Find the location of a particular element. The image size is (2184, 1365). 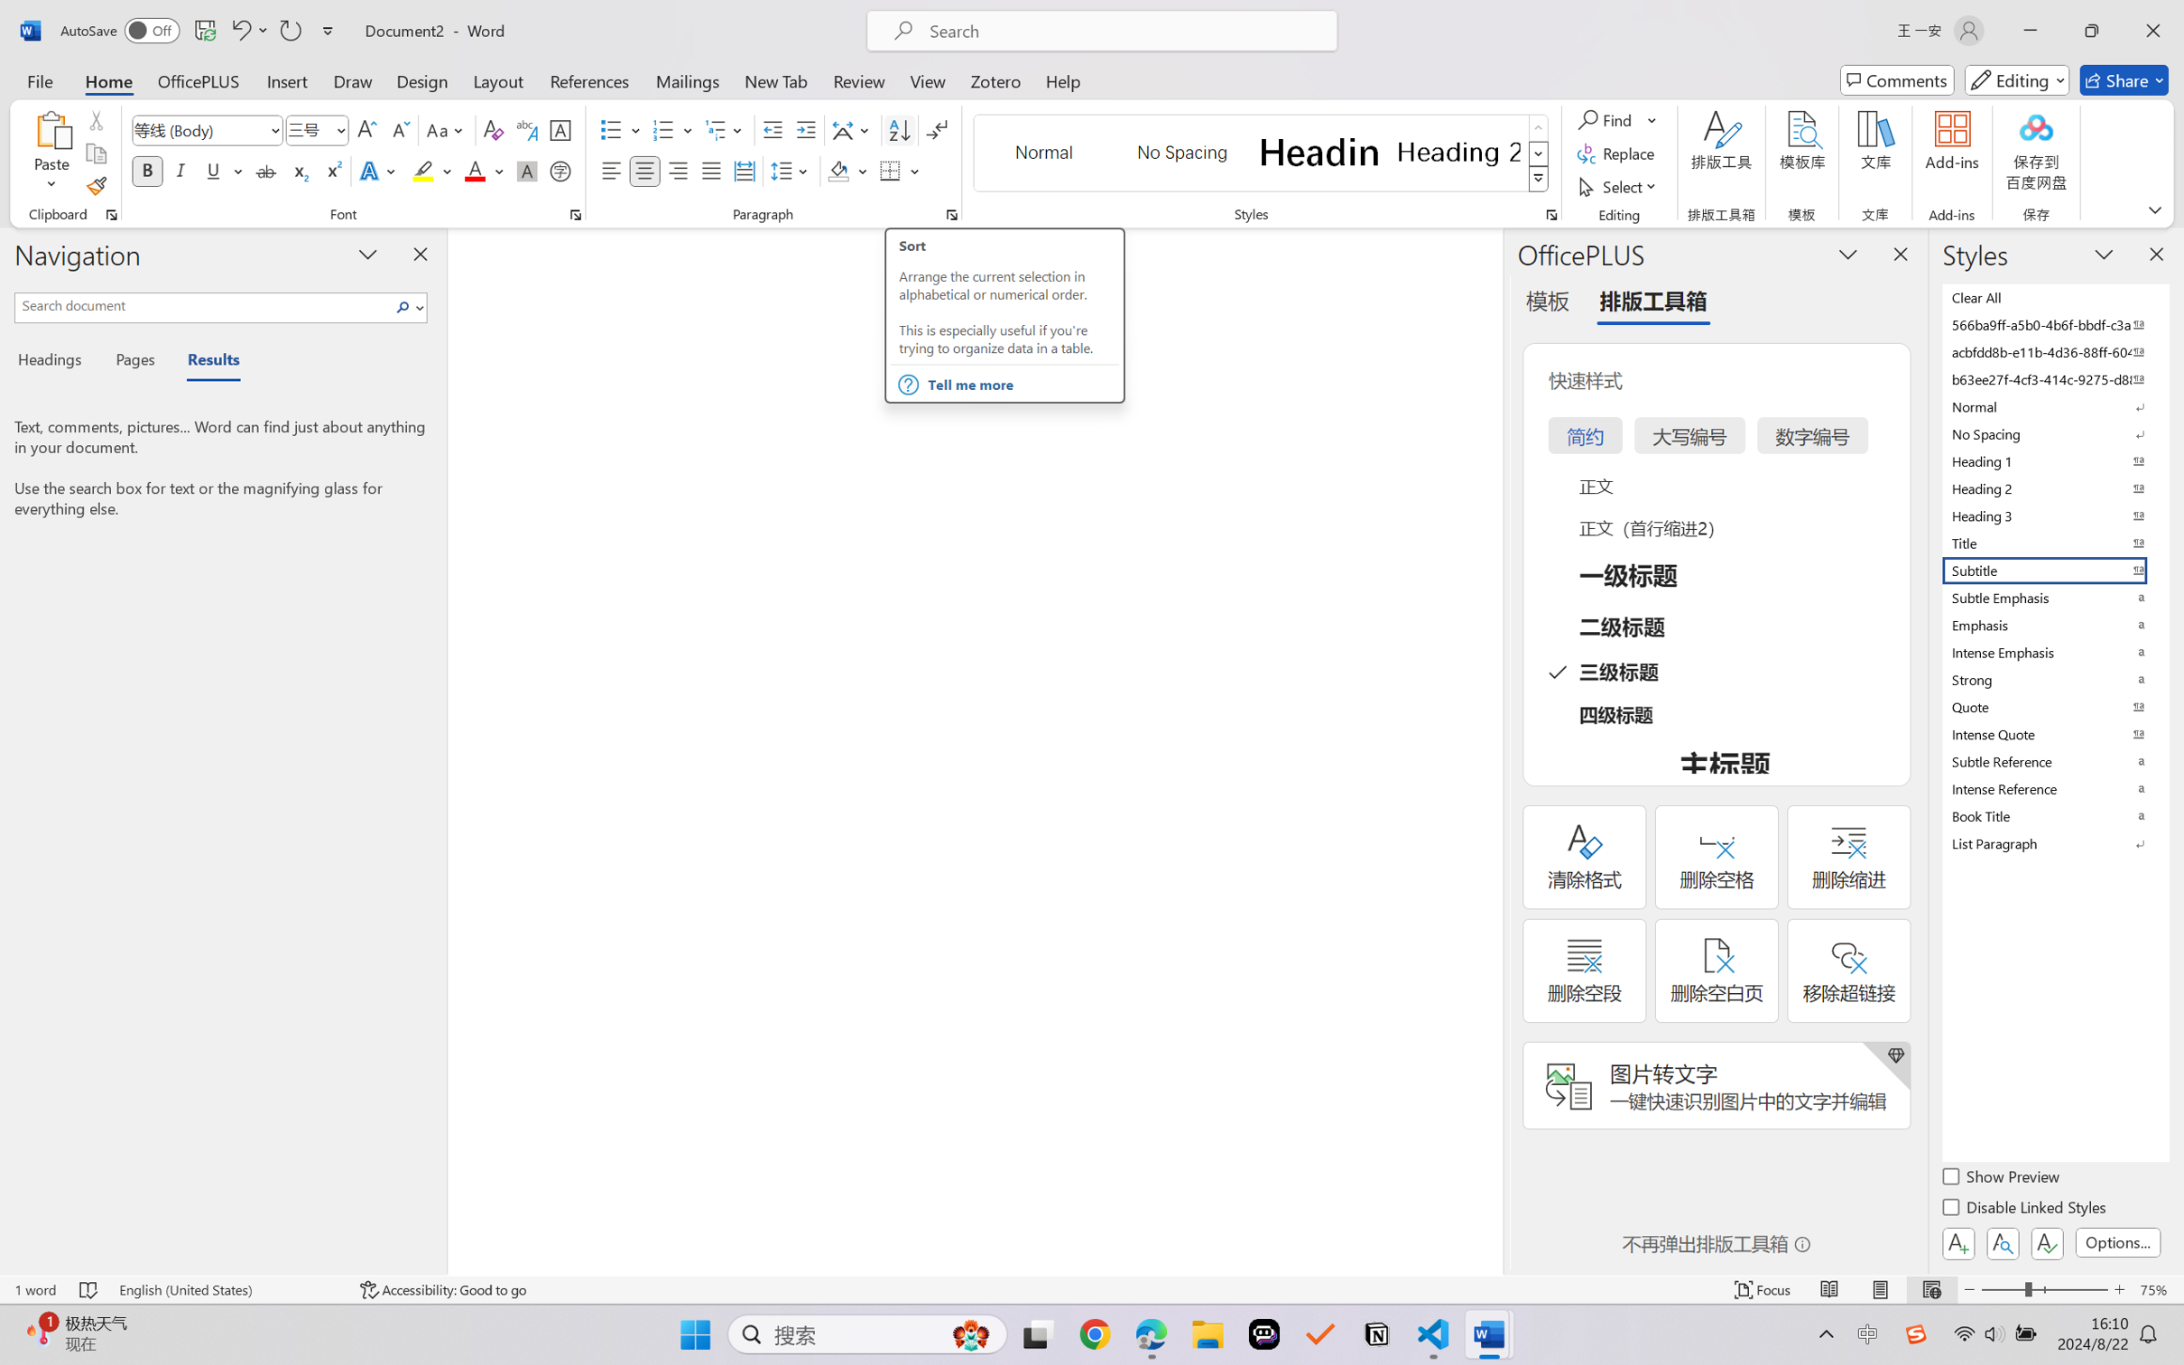

'Class: MsoCommandBar' is located at coordinates (1092, 1289).